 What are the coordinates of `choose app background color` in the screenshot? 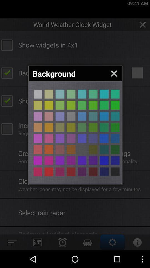 It's located at (82, 171).